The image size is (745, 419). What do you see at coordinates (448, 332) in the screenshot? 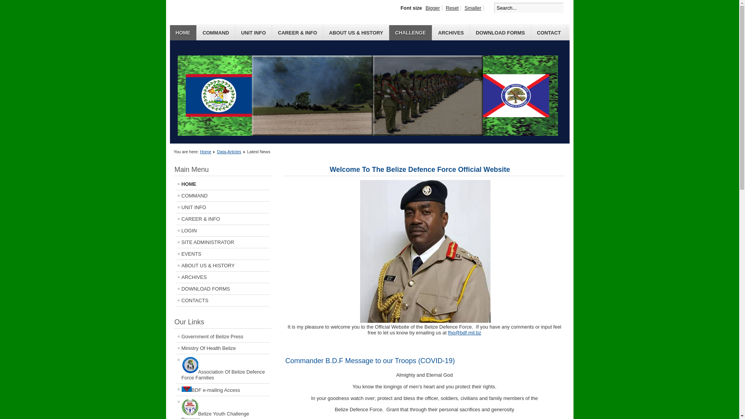
I see `'fhq@bdf.mil.bz'` at bounding box center [448, 332].